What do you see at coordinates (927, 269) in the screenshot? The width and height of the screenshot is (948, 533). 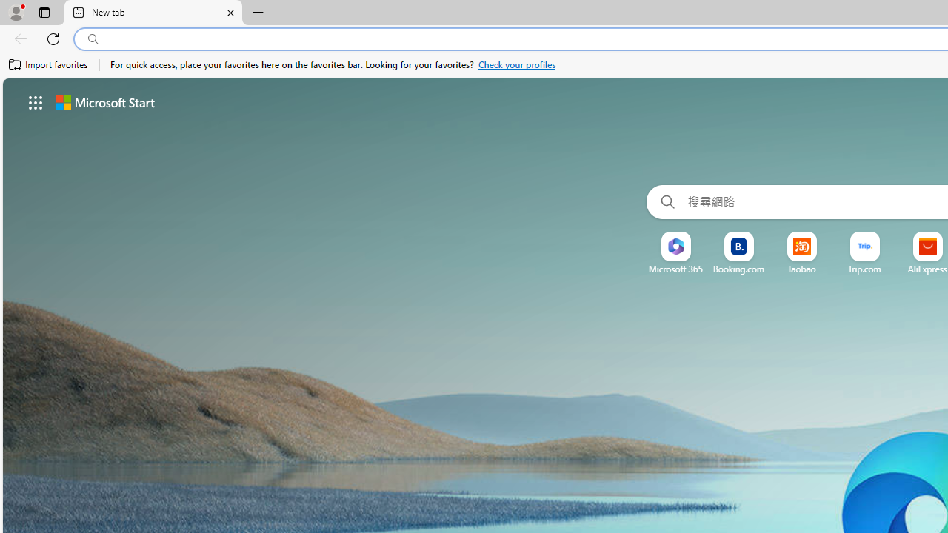 I see `'AliExpress'` at bounding box center [927, 269].